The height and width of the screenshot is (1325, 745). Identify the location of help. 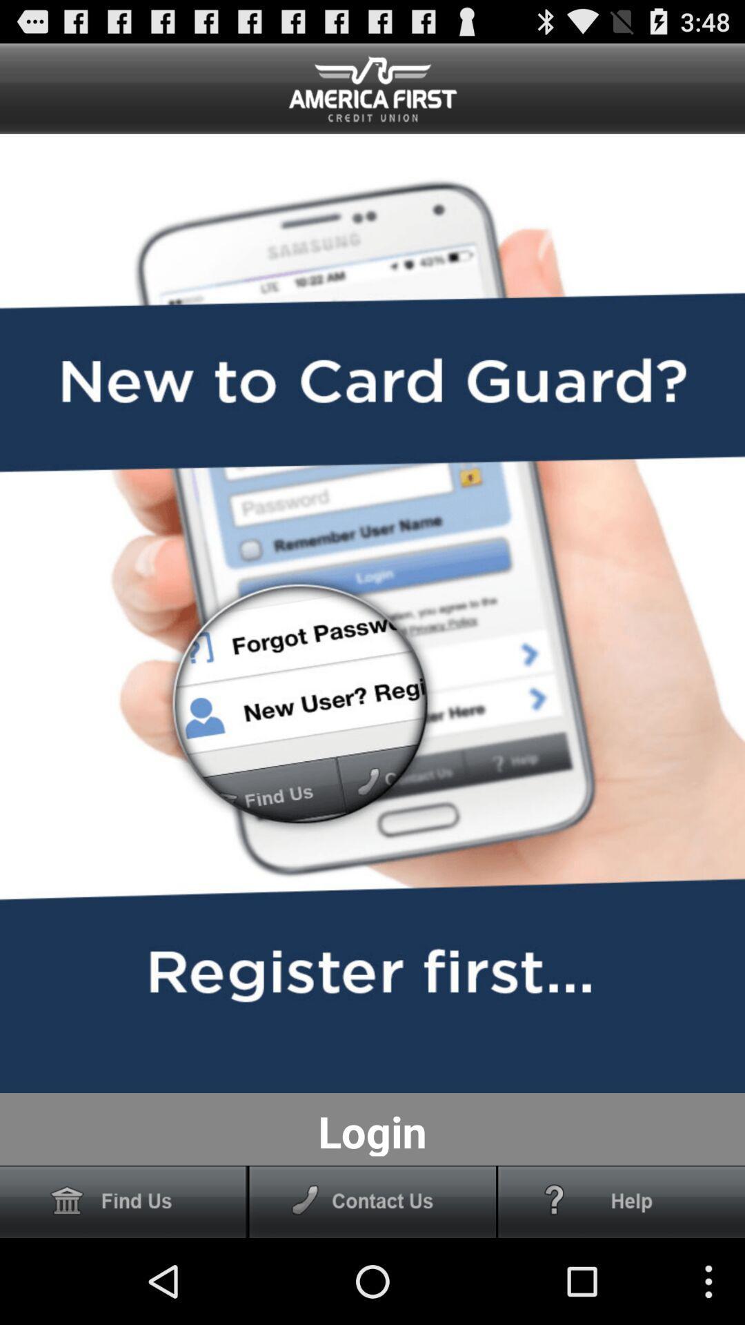
(622, 1201).